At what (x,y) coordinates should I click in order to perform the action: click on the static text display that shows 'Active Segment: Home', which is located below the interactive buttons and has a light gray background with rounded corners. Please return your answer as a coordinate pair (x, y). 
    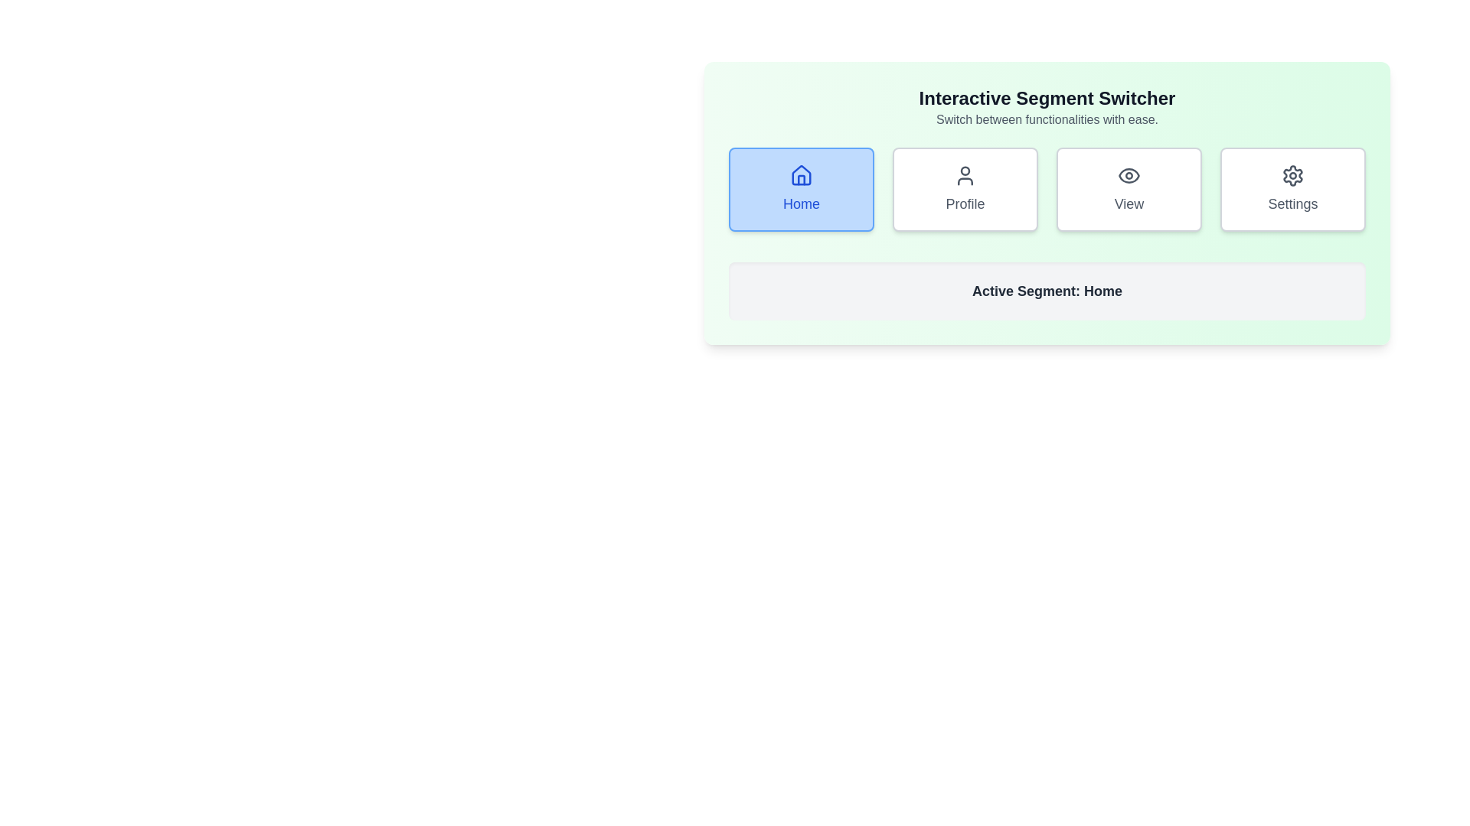
    Looking at the image, I should click on (1047, 291).